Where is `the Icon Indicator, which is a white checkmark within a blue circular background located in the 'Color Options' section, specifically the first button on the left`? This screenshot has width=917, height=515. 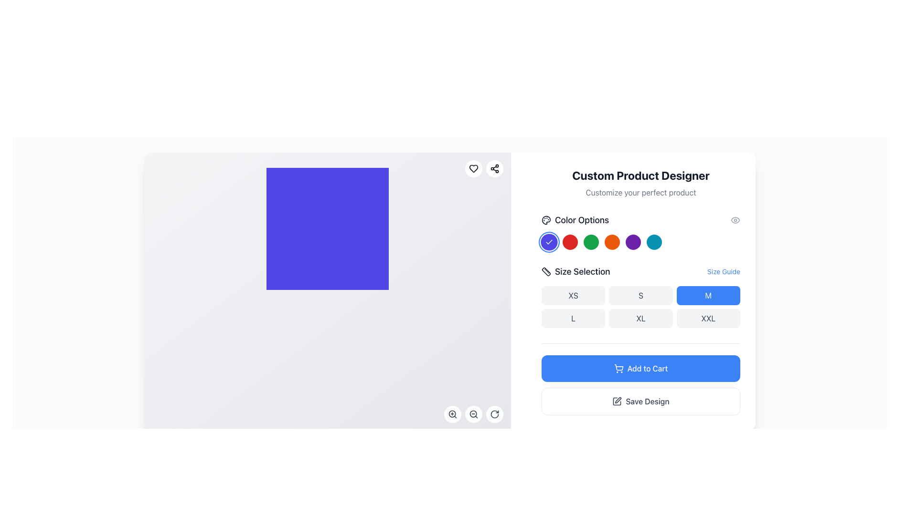 the Icon Indicator, which is a white checkmark within a blue circular background located in the 'Color Options' section, specifically the first button on the left is located at coordinates (549, 242).